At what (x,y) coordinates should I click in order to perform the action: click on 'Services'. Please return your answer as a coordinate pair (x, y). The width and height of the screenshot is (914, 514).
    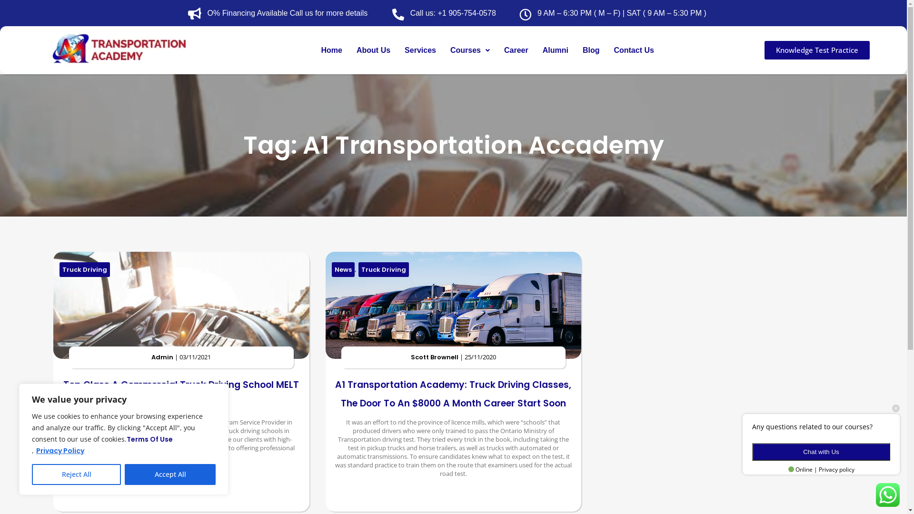
    Looking at the image, I should click on (397, 49).